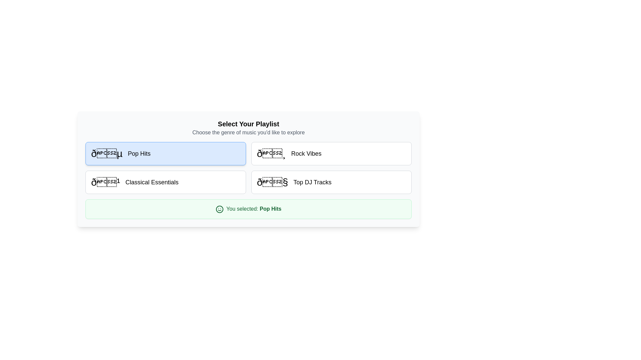 The width and height of the screenshot is (641, 360). I want to click on the rectangular button labeled 'Top DJ Tracks' which contains a musical equipment emoji, located in the bottom-right corner of the playlist options grid, so click(331, 182).